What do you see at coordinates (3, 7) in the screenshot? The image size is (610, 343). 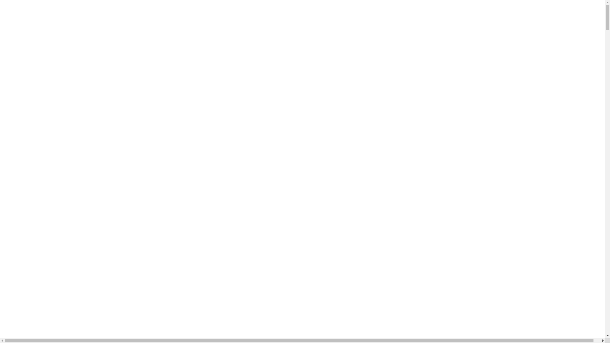 I see `'Skip to main content'` at bounding box center [3, 7].